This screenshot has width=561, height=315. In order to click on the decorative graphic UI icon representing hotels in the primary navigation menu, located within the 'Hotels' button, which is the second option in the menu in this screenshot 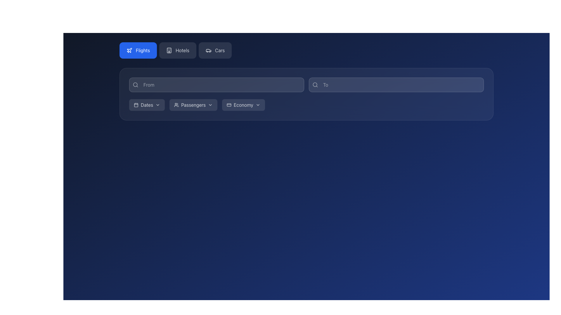, I will do `click(169, 50)`.